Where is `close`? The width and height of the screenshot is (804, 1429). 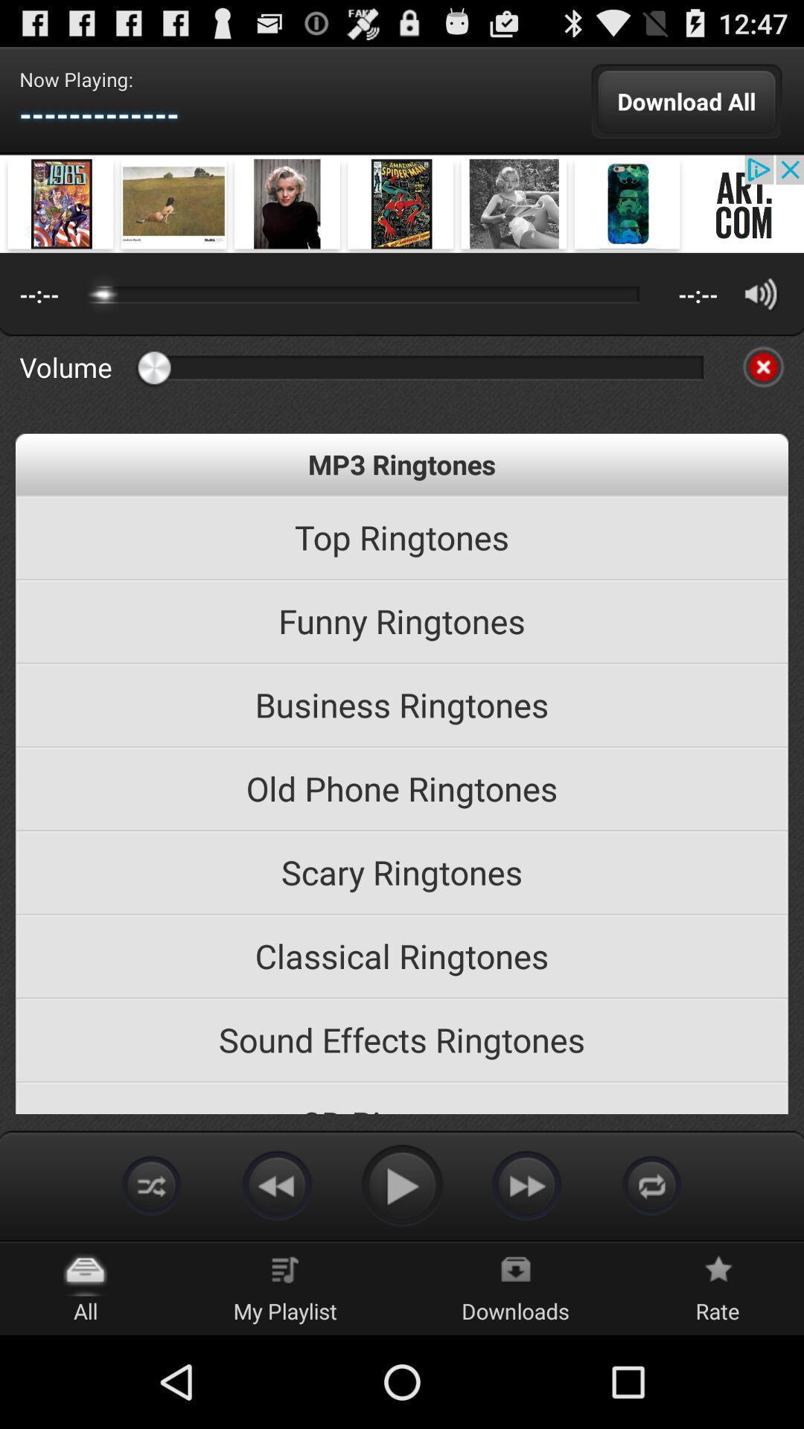
close is located at coordinates (763, 367).